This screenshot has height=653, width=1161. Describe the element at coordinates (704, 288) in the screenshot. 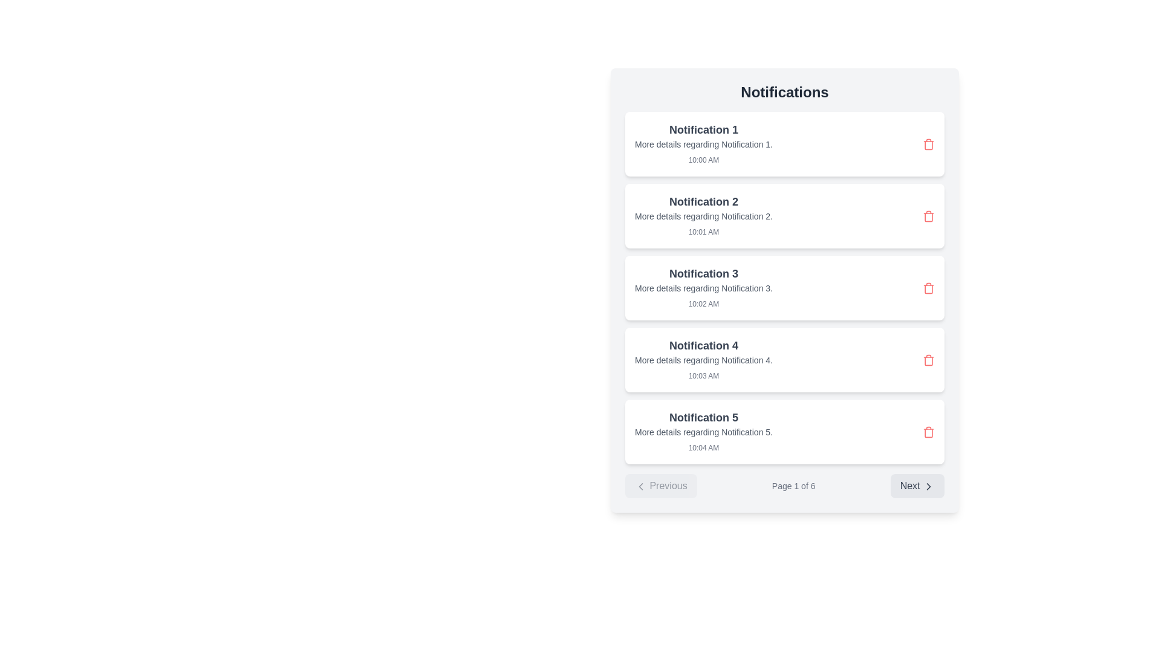

I see `the third notification entry in the notification log labeled 'Notification 3'` at that location.